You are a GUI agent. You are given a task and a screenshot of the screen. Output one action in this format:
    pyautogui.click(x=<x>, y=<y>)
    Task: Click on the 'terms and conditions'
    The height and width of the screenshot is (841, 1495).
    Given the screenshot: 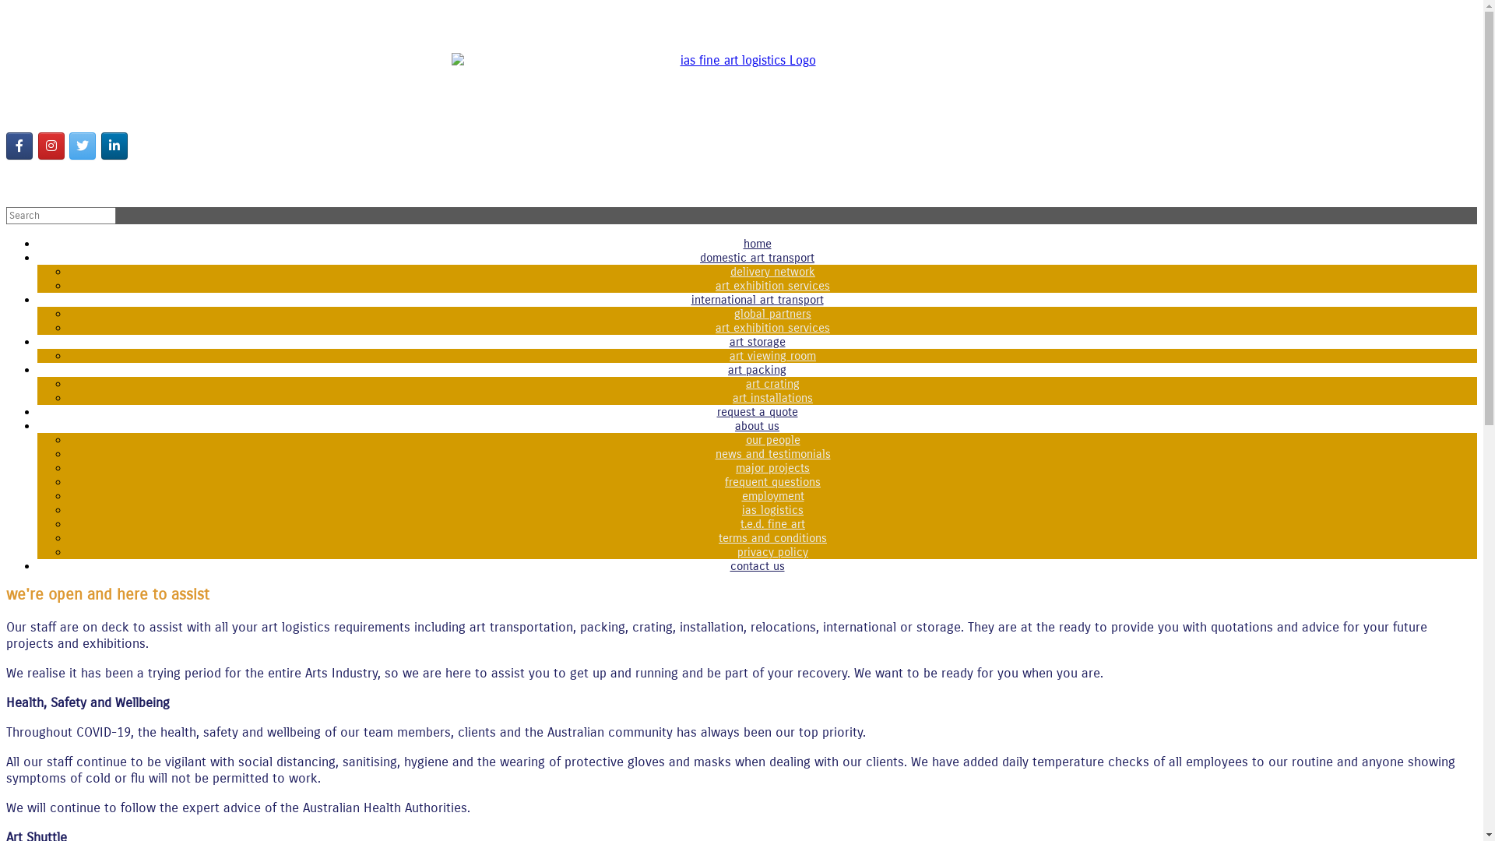 What is the action you would take?
    pyautogui.click(x=772, y=537)
    